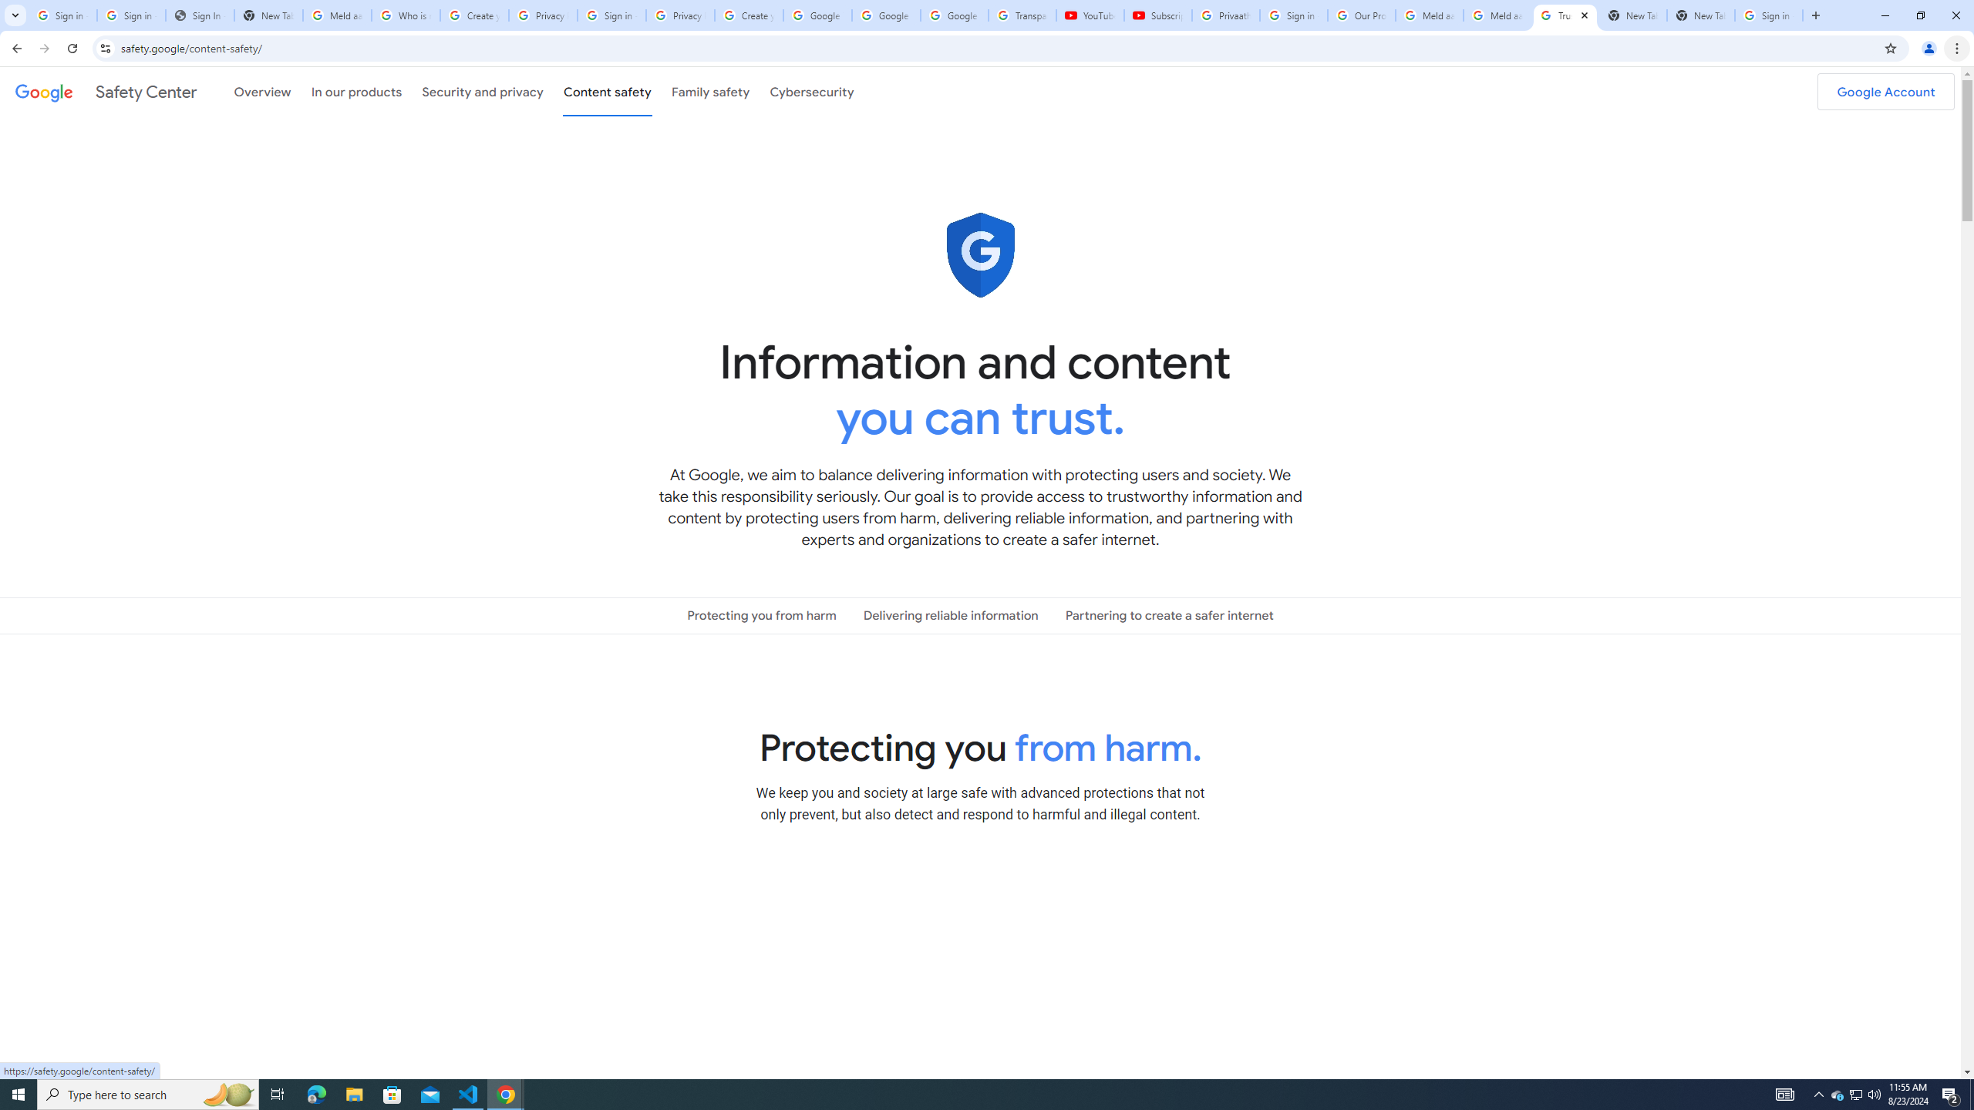 Image resolution: width=1974 pixels, height=1110 pixels. I want to click on 'Delivering reliable information', so click(949, 615).